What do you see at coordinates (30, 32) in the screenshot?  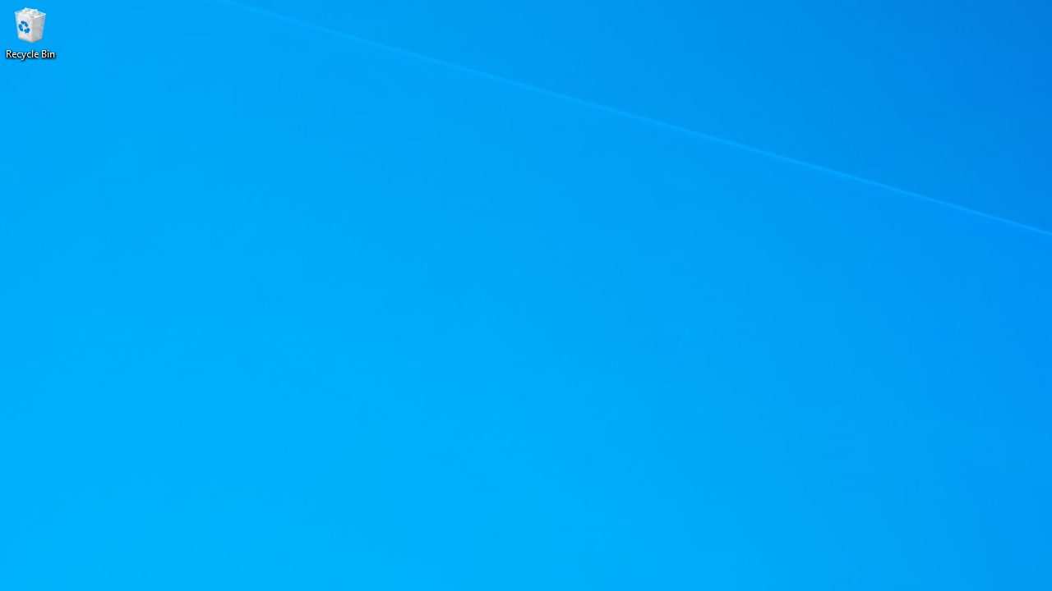 I see `'Recycle Bin'` at bounding box center [30, 32].